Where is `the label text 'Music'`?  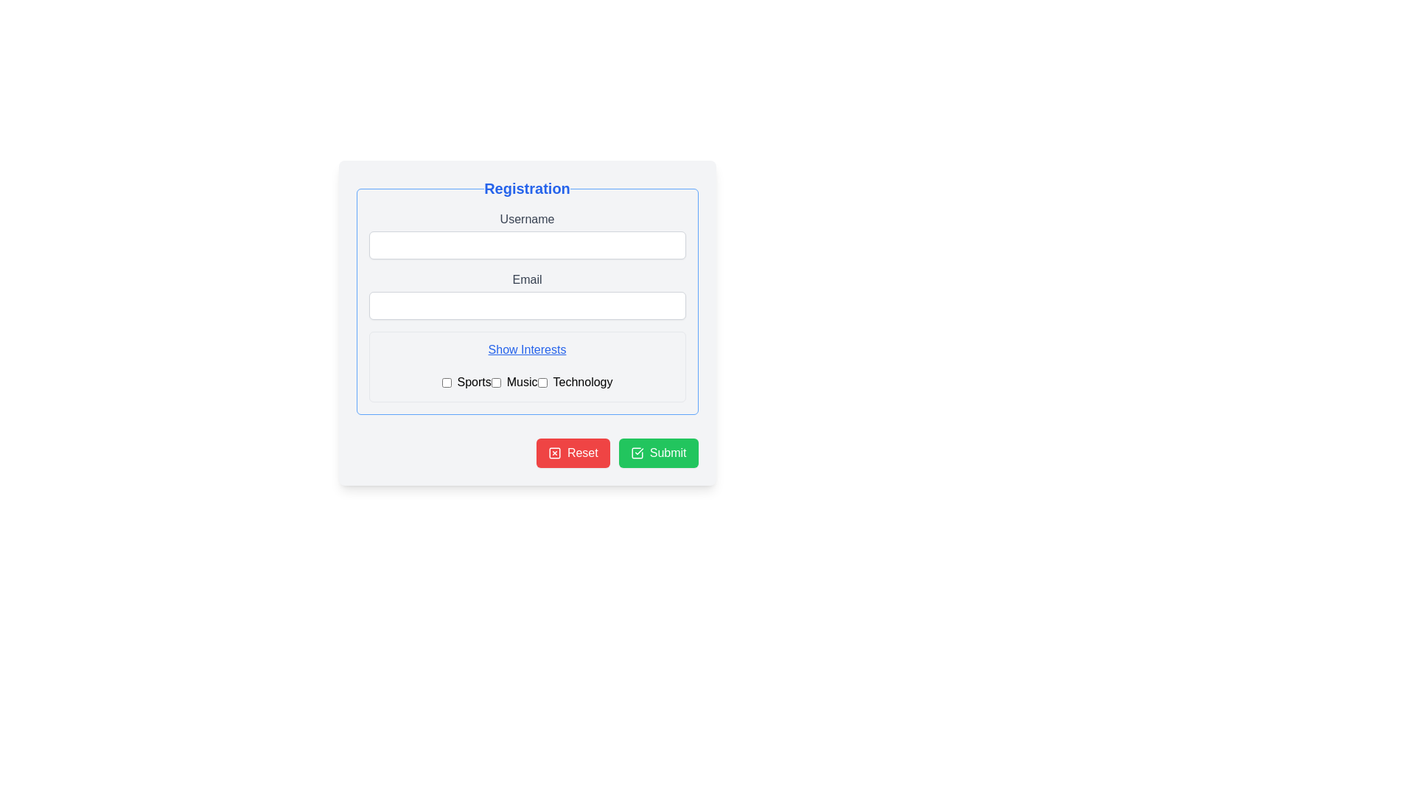 the label text 'Music' is located at coordinates (514, 382).